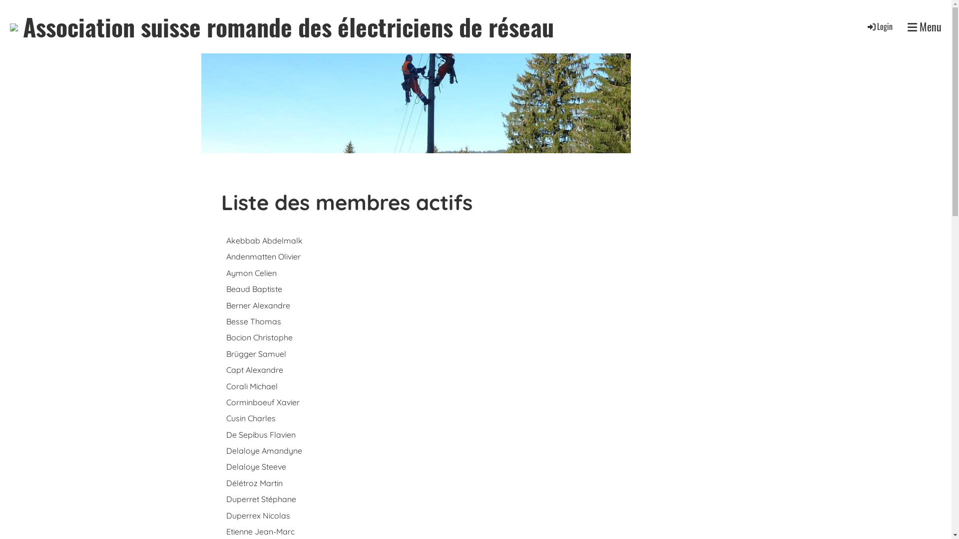 The image size is (959, 539). I want to click on 'Menu', so click(908, 26).